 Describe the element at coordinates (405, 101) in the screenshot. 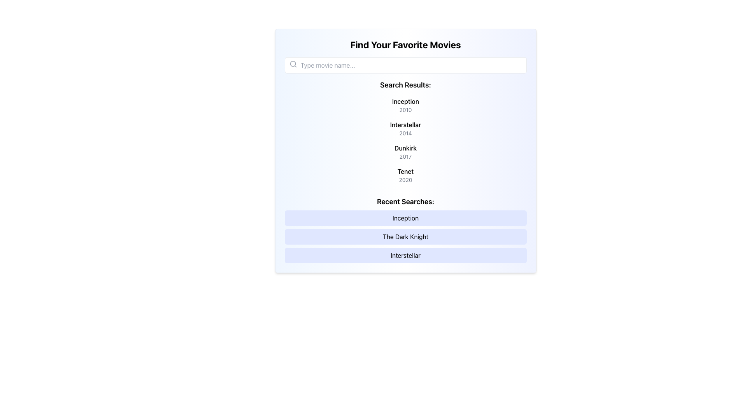

I see `the non-interactive Text Label representing the movie title in the Search Results section, located above the text '2010'` at that location.